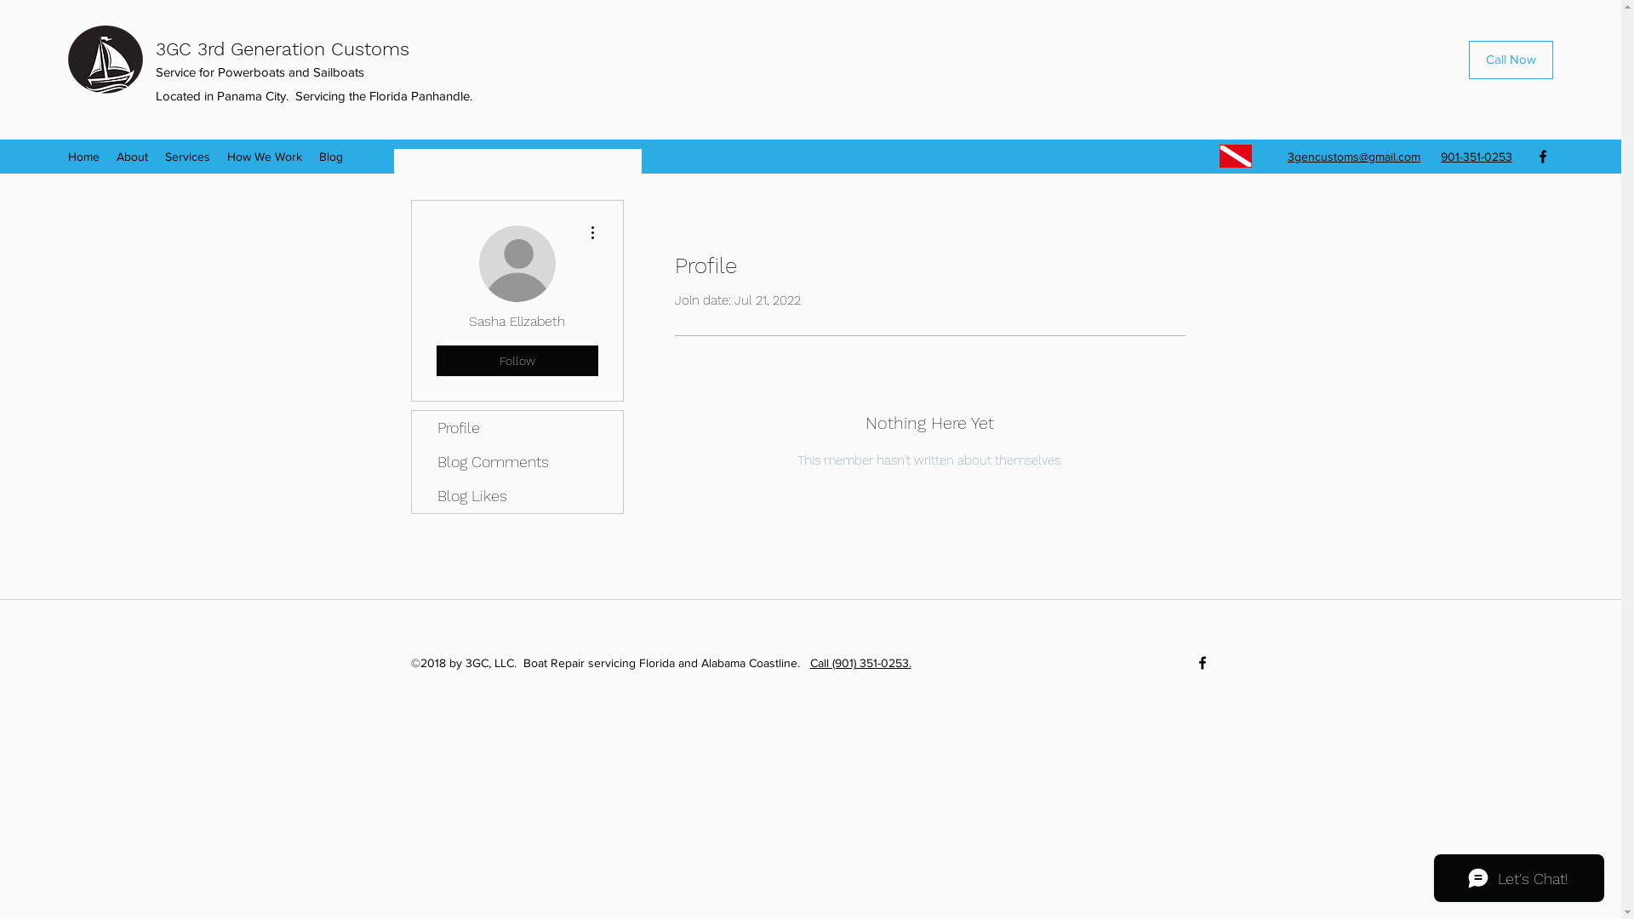  What do you see at coordinates (264, 157) in the screenshot?
I see `'How We Work'` at bounding box center [264, 157].